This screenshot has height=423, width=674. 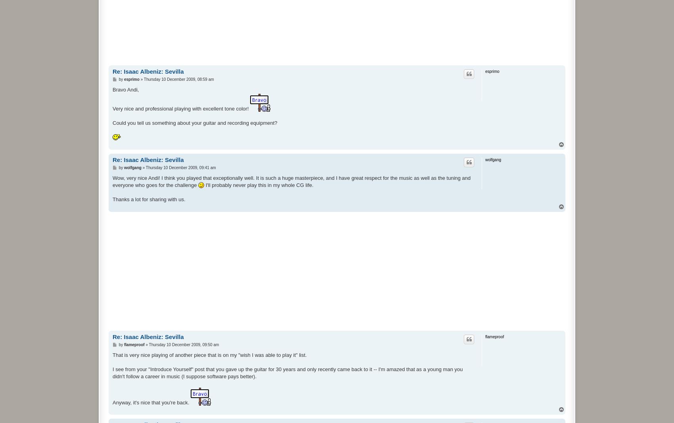 What do you see at coordinates (291, 181) in the screenshot?
I see `'Wow, very nice Andi! I think you played that exceptionally well. It is such a huge masterpiece, and I have great respect for the music as well as the tuning and everyone who goes for the challenge'` at bounding box center [291, 181].